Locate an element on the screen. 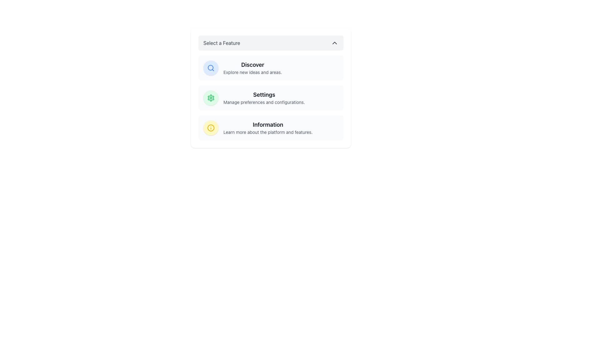 This screenshot has width=600, height=337. the static text block that displays 'Discover' with the subtext 'Explore new ideas and areas.' is located at coordinates (252, 68).